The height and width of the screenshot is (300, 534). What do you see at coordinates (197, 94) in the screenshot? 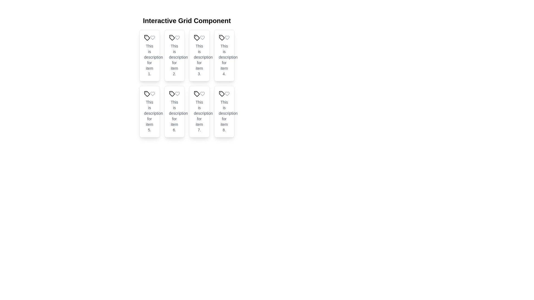
I see `the tag icon located in the seventh tile of the grid` at bounding box center [197, 94].